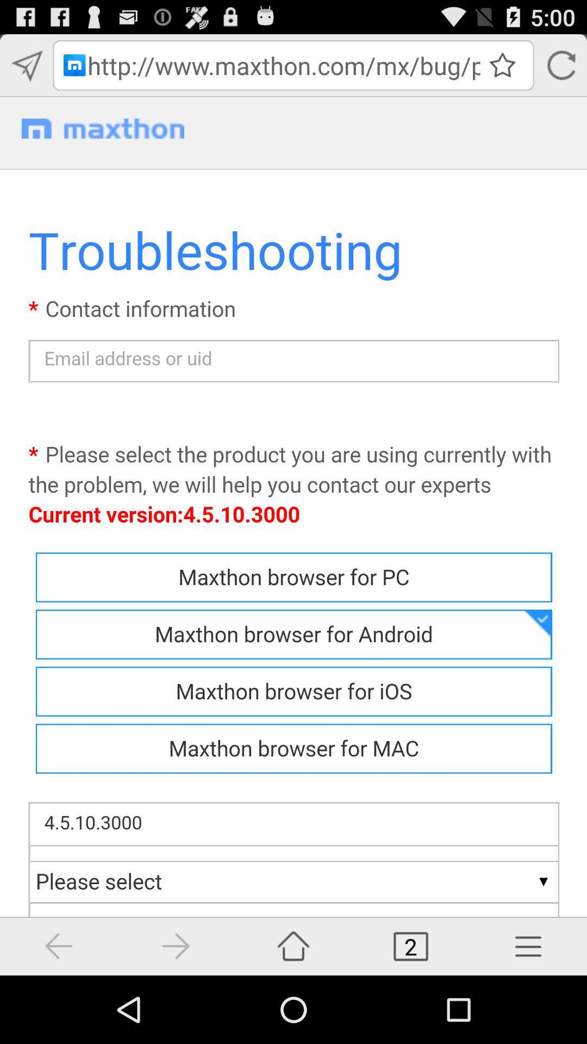  Describe the element at coordinates (502, 69) in the screenshot. I see `the star icon` at that location.